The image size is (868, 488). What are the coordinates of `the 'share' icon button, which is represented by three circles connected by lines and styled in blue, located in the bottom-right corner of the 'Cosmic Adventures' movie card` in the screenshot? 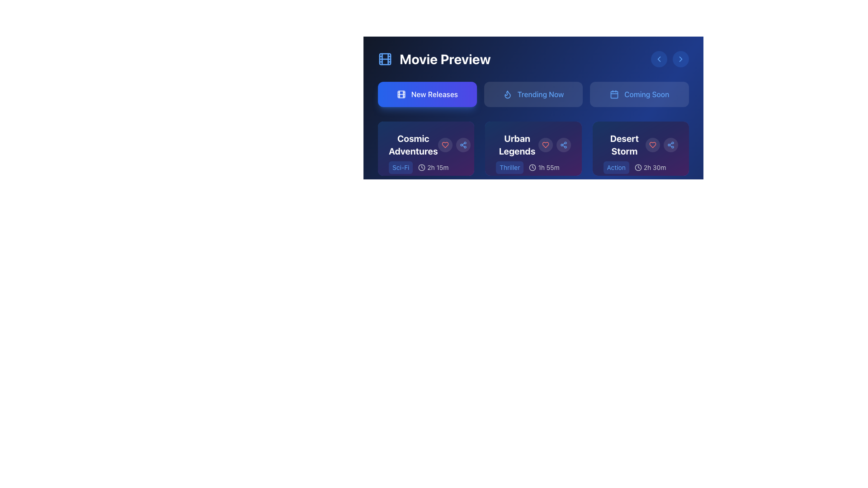 It's located at (463, 144).